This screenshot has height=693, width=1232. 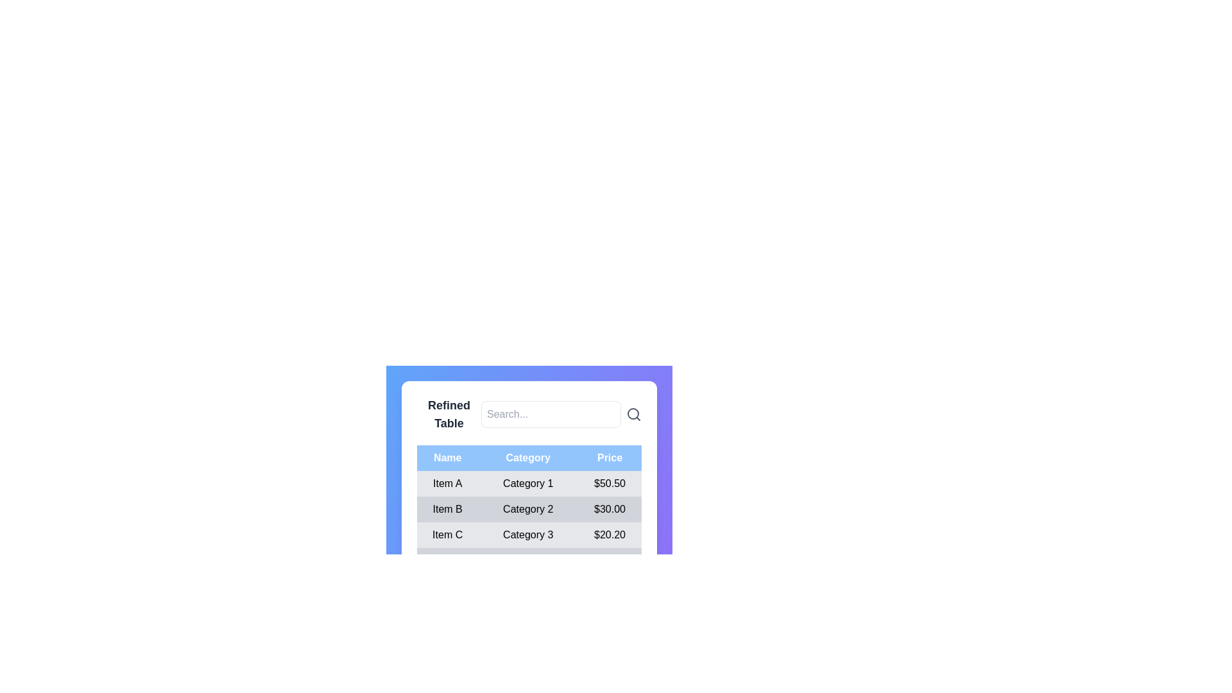 What do you see at coordinates (609, 509) in the screenshot?
I see `the text label displaying '$30.00' which is located in the 'Price' column of the 'Refined Table' under 'Item B' and 'Category 2'` at bounding box center [609, 509].